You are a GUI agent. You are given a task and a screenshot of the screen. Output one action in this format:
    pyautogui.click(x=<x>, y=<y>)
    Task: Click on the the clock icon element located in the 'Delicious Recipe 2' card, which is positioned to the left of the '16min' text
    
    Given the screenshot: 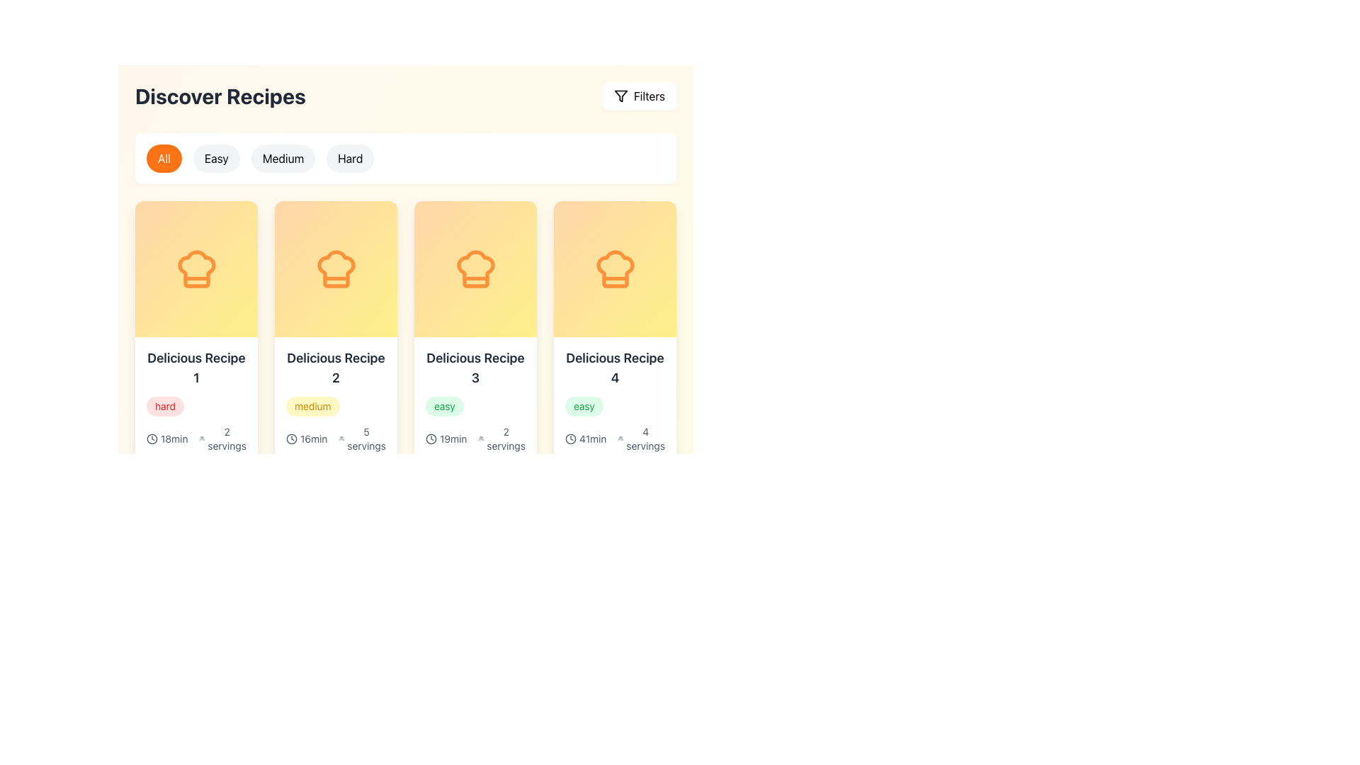 What is the action you would take?
    pyautogui.click(x=291, y=438)
    